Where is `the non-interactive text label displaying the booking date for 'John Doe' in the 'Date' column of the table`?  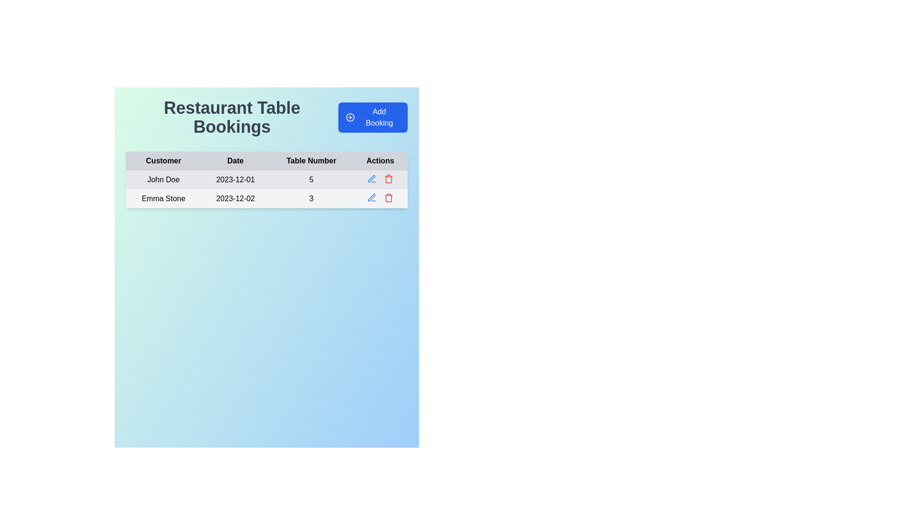
the non-interactive text label displaying the booking date for 'John Doe' in the 'Date' column of the table is located at coordinates (235, 180).